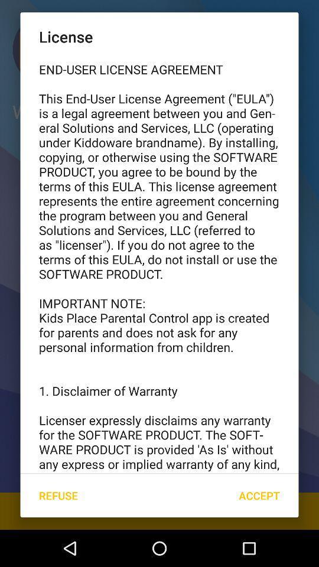  Describe the element at coordinates (259, 496) in the screenshot. I see `accept` at that location.